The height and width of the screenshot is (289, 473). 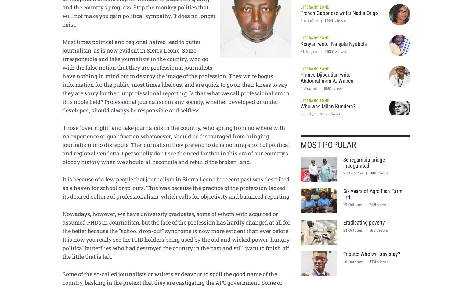 What do you see at coordinates (364, 222) in the screenshot?
I see `'Eradicating poverty'` at bounding box center [364, 222].